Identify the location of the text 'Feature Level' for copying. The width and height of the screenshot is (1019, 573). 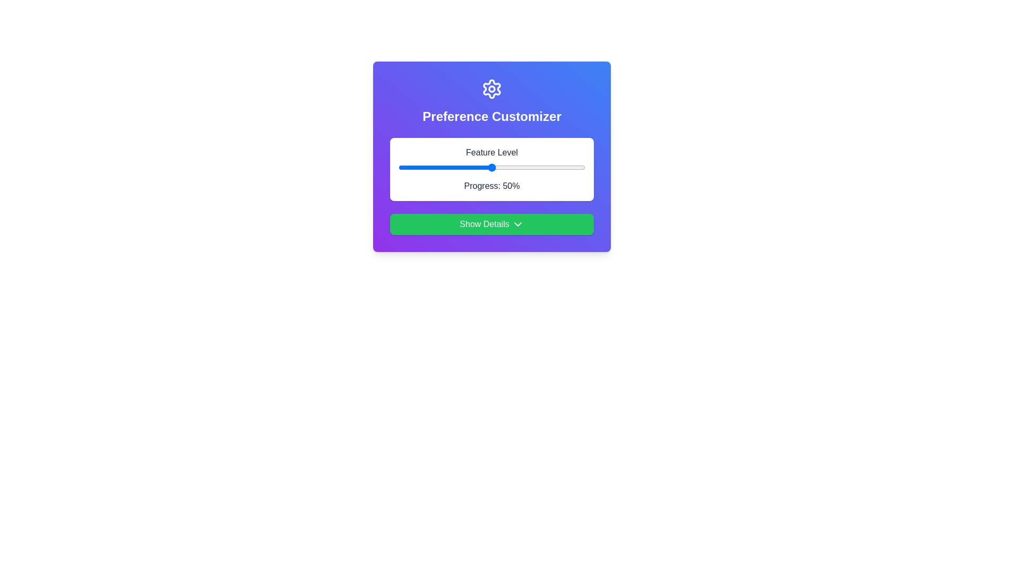
(466, 152).